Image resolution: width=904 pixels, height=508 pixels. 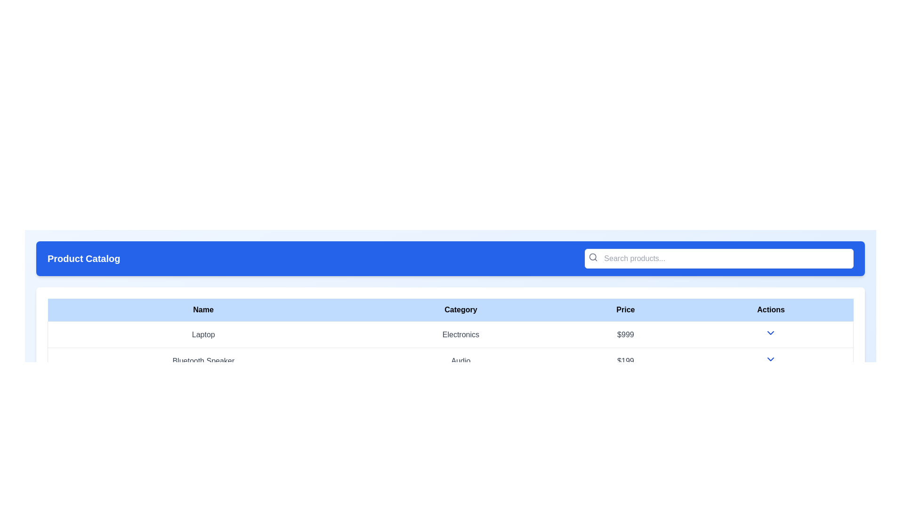 What do you see at coordinates (625, 334) in the screenshot?
I see `the static text label displaying the price '$999' in the price column of the product table for the 'Laptop' entry` at bounding box center [625, 334].